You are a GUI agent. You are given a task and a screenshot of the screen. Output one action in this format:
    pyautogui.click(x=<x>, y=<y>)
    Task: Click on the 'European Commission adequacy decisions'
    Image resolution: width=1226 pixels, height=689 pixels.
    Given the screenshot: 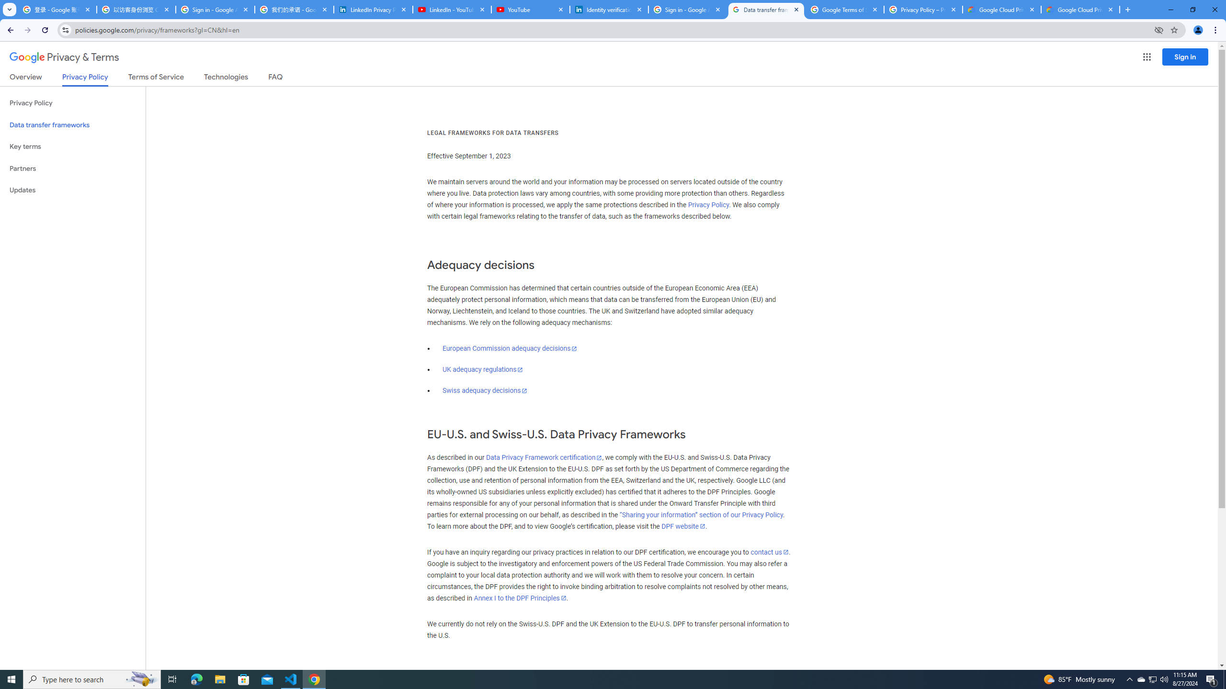 What is the action you would take?
    pyautogui.click(x=509, y=348)
    